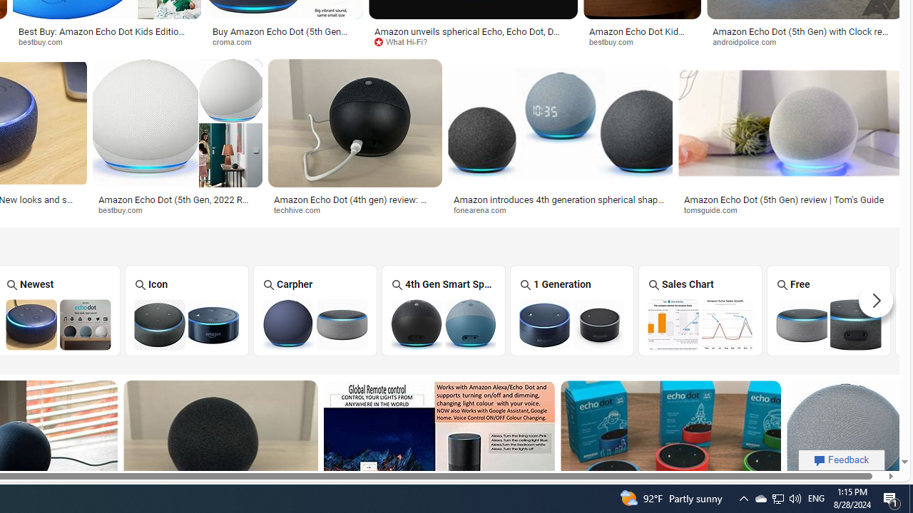 This screenshot has height=513, width=913. Describe the element at coordinates (443, 309) in the screenshot. I see `'4th Gen Smart Speaker Alexa'` at that location.